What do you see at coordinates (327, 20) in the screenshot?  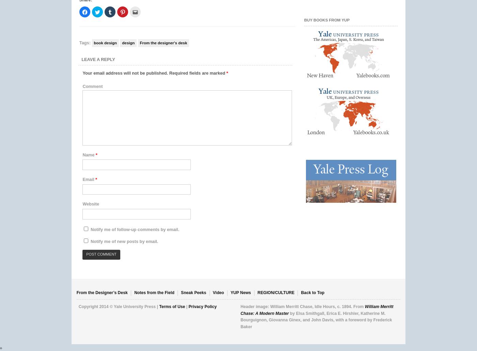 I see `'Buy Books from YUP'` at bounding box center [327, 20].